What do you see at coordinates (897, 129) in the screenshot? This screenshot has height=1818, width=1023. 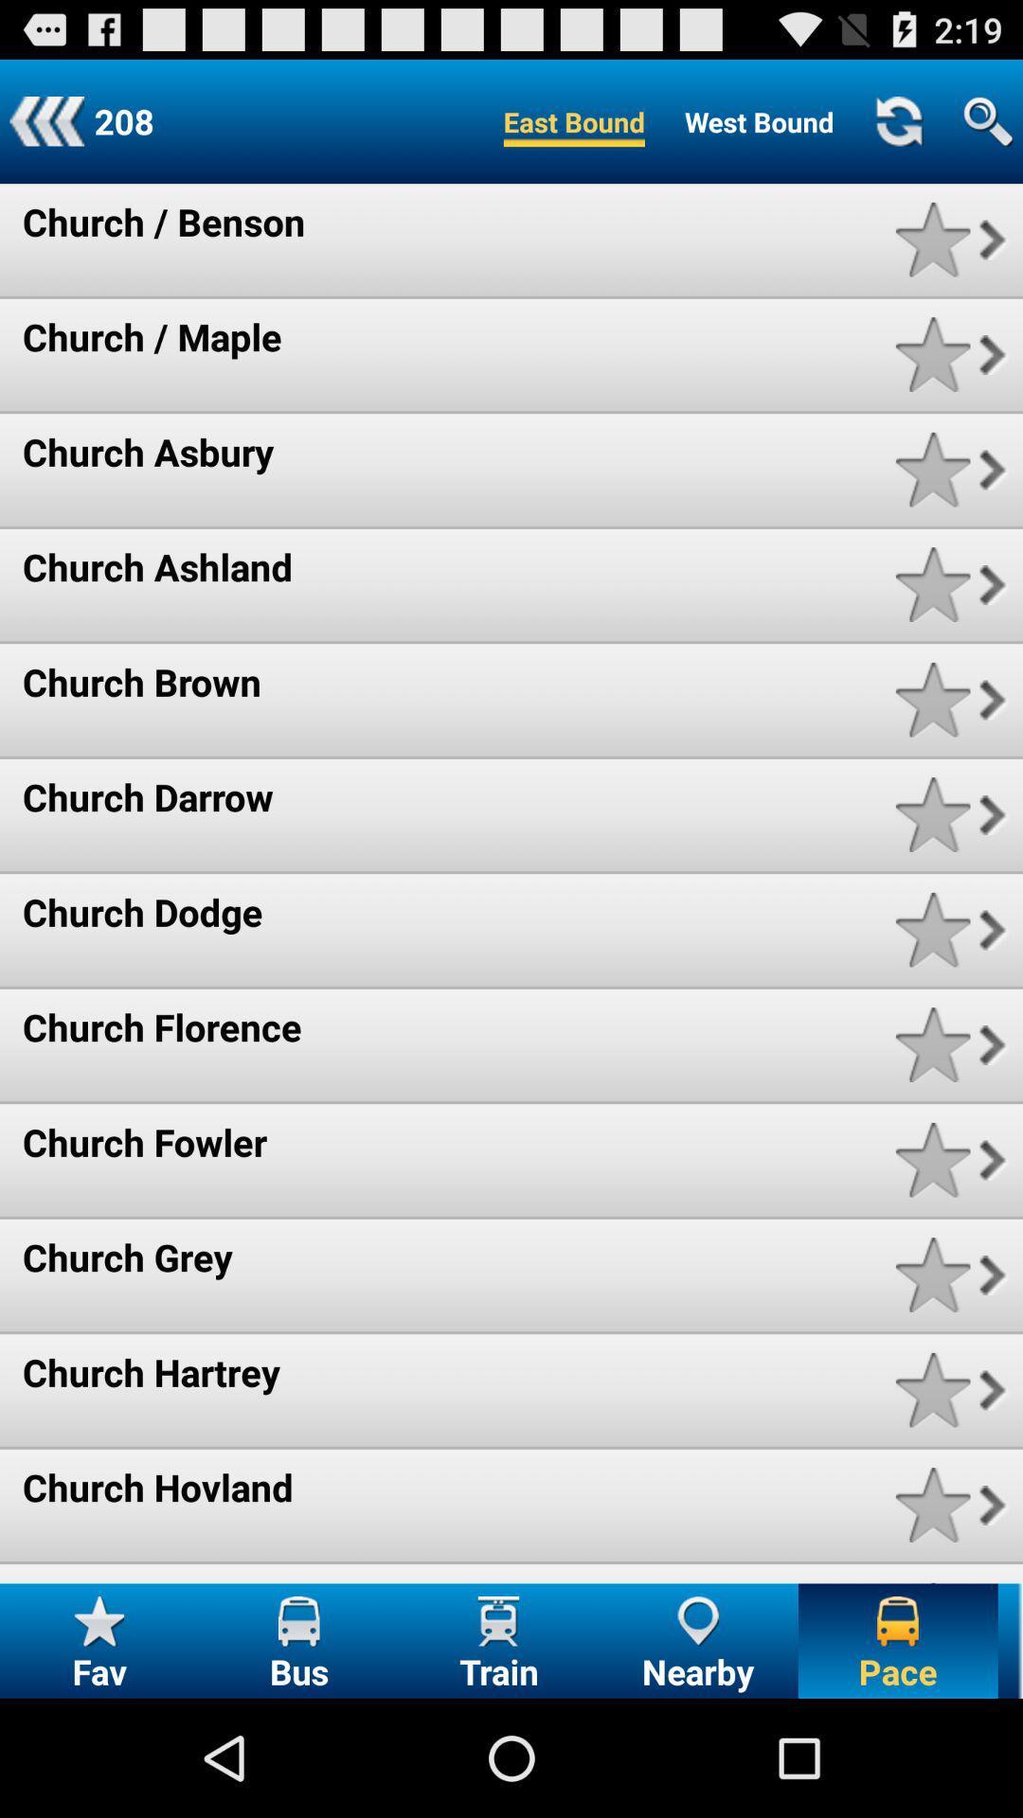 I see `the refresh icon` at bounding box center [897, 129].